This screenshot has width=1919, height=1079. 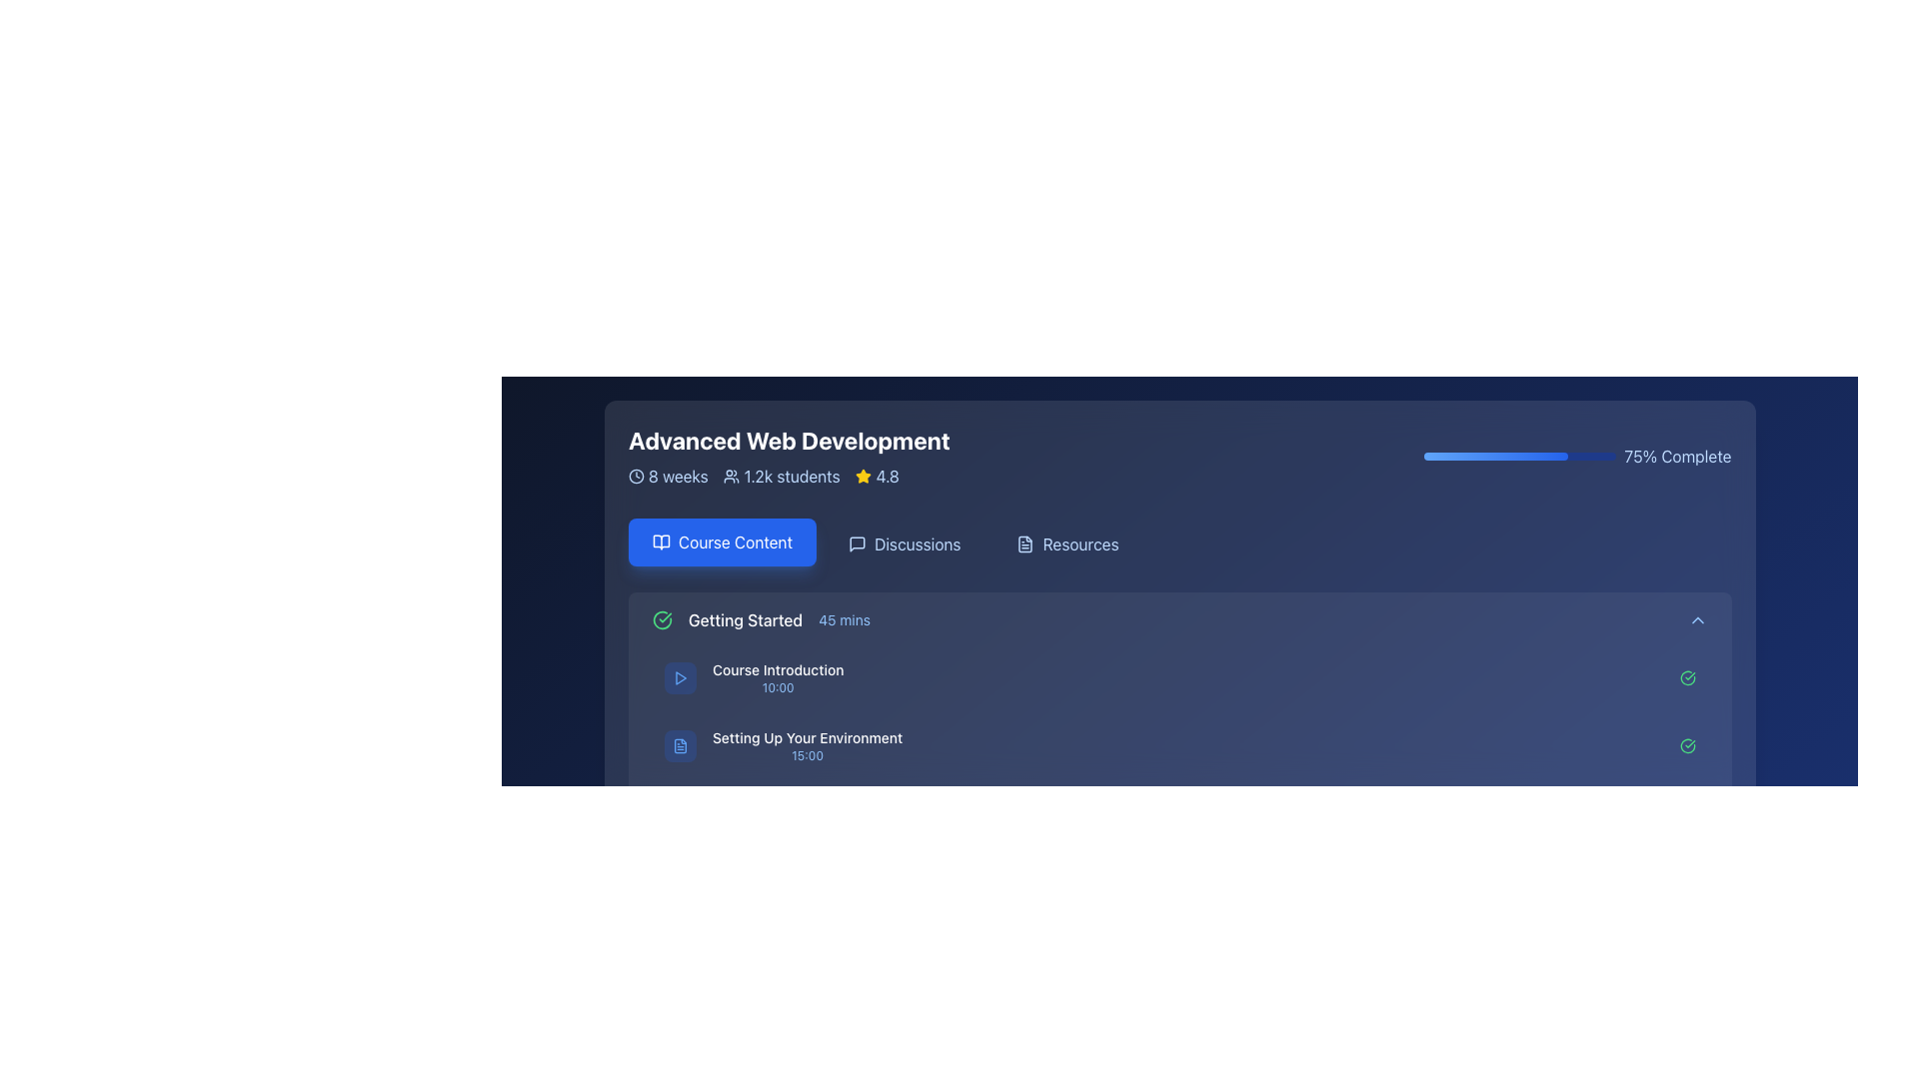 I want to click on the graphical icon representing the 'Setting Up Your Environment' file in the 'Course Content' section under 'Getting Started.', so click(x=680, y=746).